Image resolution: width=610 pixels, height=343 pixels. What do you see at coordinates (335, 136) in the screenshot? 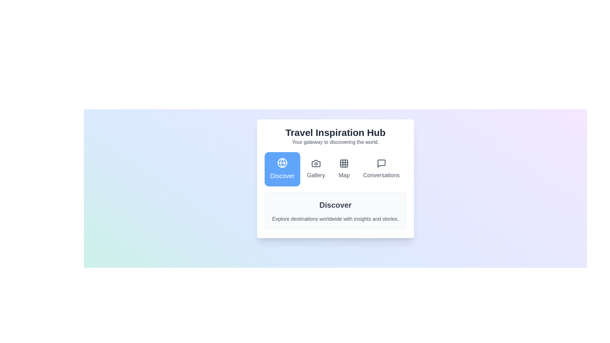
I see `the introductory header text block in the Travel Inspiration Hub card, which is positioned above the navigation options` at bounding box center [335, 136].